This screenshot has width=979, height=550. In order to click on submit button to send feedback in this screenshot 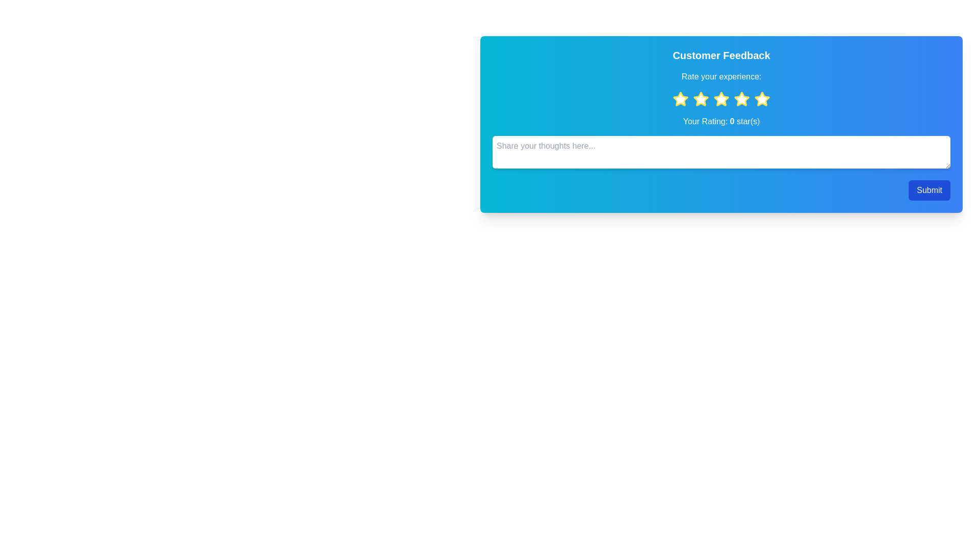, I will do `click(930, 190)`.